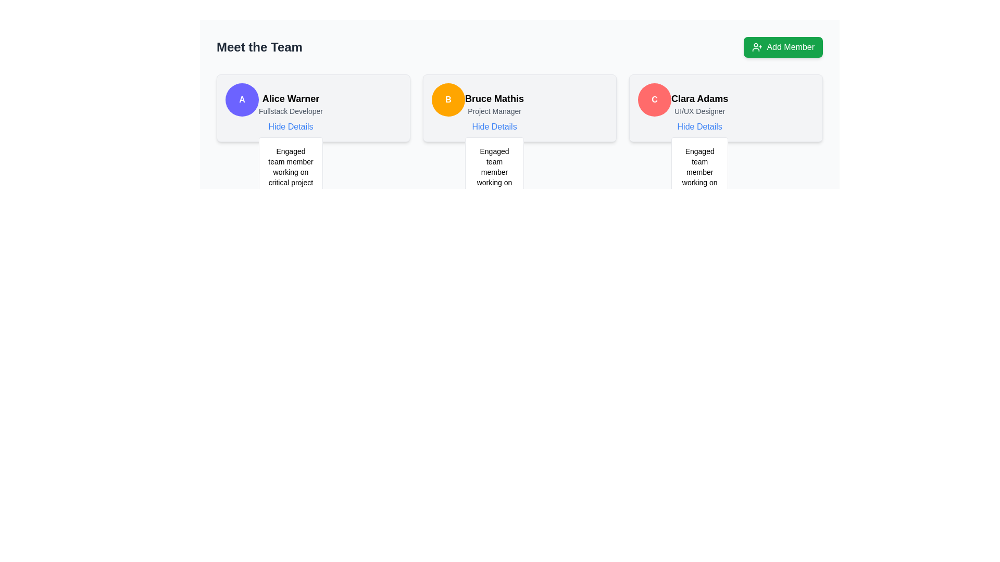  Describe the element at coordinates (494, 98) in the screenshot. I see `the text element that contains 'Bruce Mathis', styled in bold and larger font, which serves as the title for the second card from the left with a yellow circular avatar labeled 'B'` at that location.